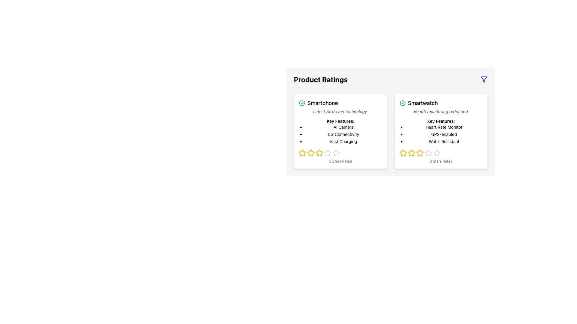 This screenshot has width=577, height=324. What do you see at coordinates (319, 152) in the screenshot?
I see `the third Rating Star Icon, which has a hollow center and yellow outline, located in the lower section of the Smartphone product card` at bounding box center [319, 152].